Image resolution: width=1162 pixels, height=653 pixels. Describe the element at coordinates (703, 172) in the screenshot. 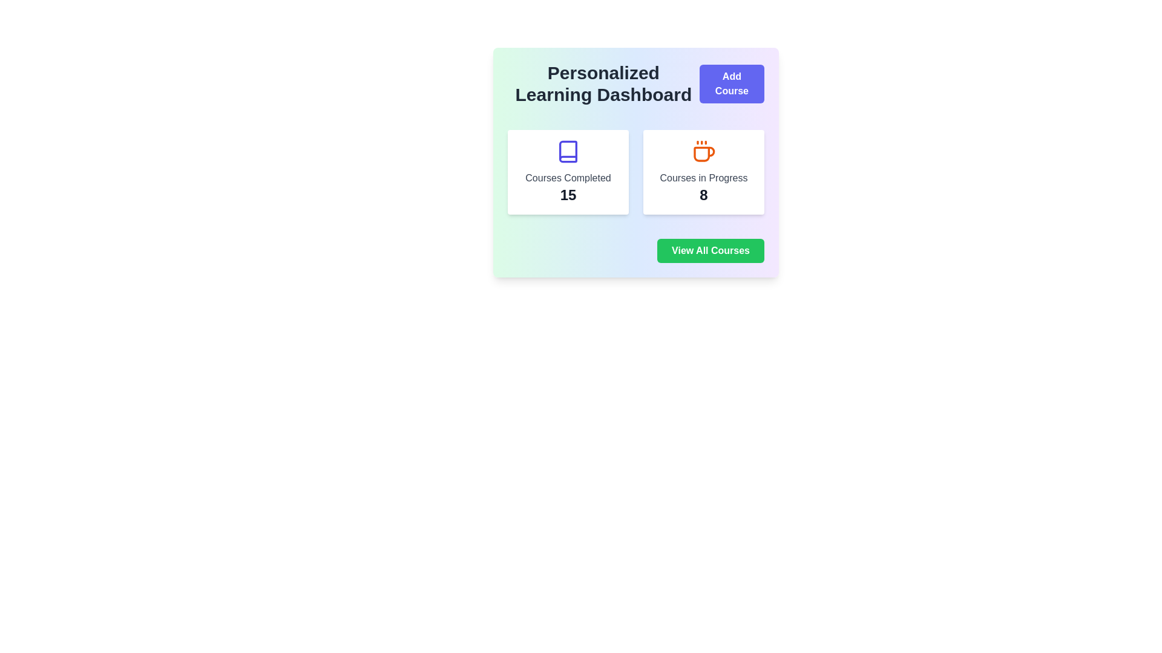

I see `the information displayed on the Summary card featuring a coffee cup icon, the text 'Courses in Progress', and the number '8'` at that location.